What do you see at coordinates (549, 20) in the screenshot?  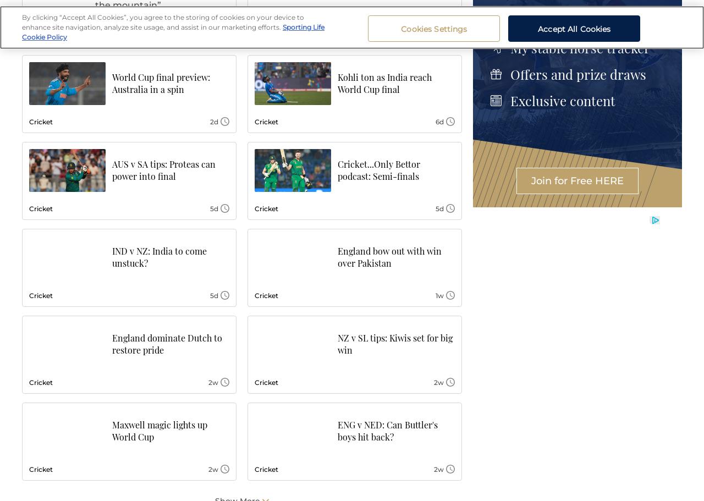 I see `'Race Replays'` at bounding box center [549, 20].